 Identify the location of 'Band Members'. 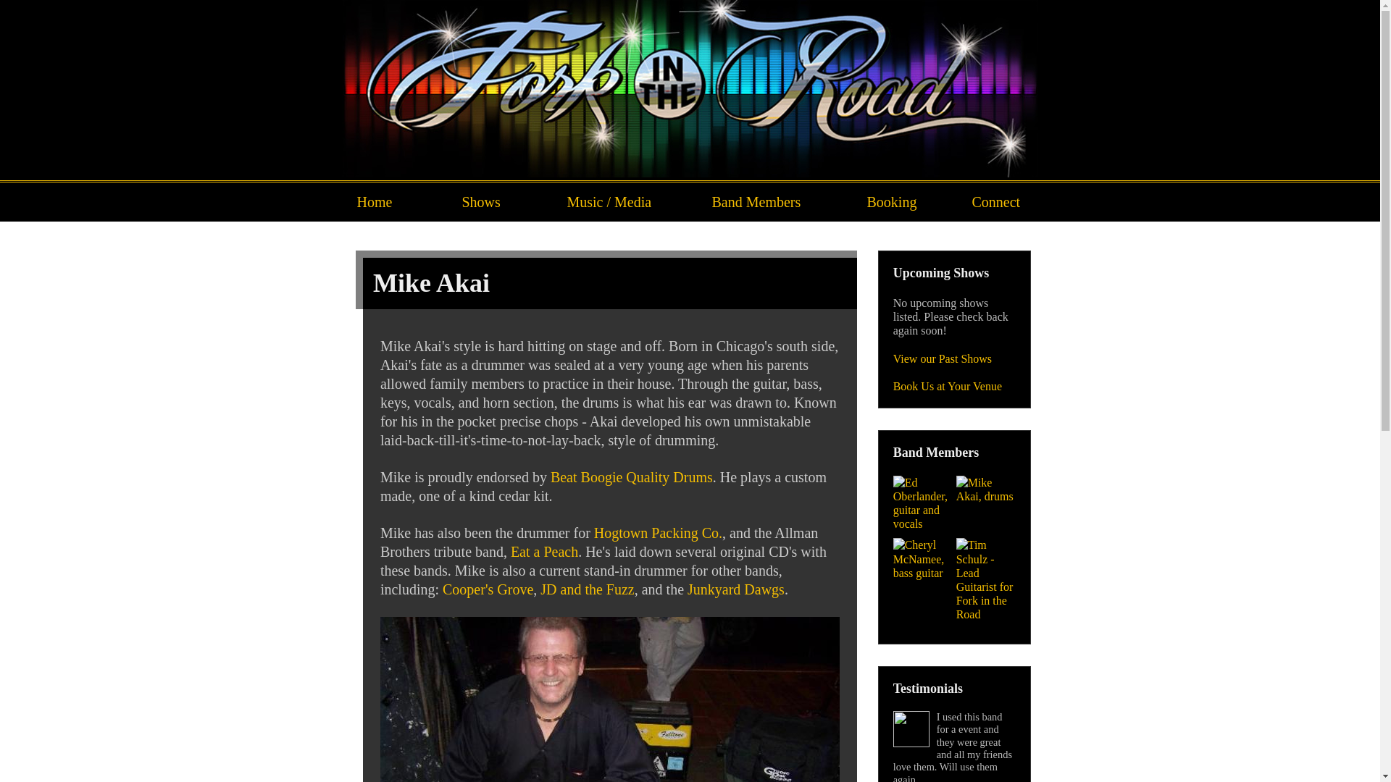
(774, 201).